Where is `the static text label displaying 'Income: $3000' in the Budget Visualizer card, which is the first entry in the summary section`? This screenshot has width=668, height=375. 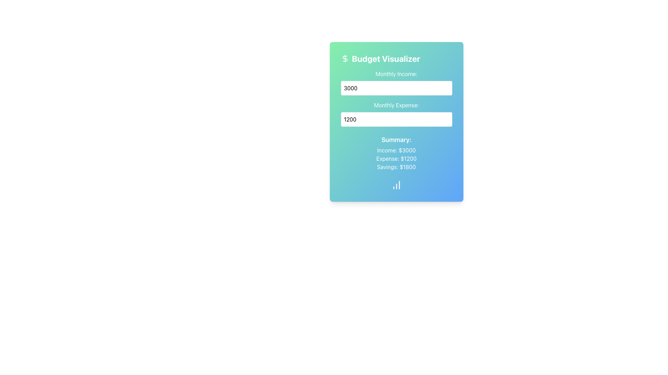 the static text label displaying 'Income: $3000' in the Budget Visualizer card, which is the first entry in the summary section is located at coordinates (396, 150).